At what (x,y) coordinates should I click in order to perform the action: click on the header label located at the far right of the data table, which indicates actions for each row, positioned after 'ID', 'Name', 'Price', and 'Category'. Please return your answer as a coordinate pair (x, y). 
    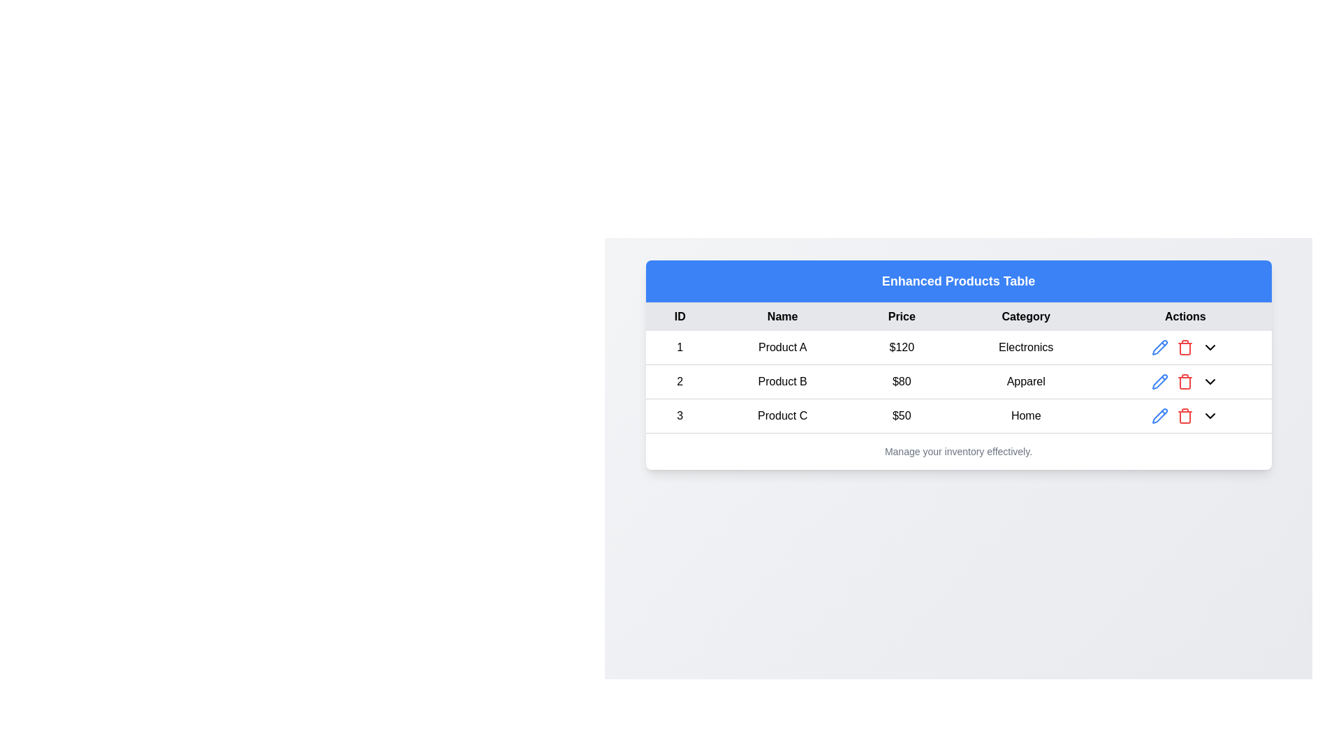
    Looking at the image, I should click on (1185, 316).